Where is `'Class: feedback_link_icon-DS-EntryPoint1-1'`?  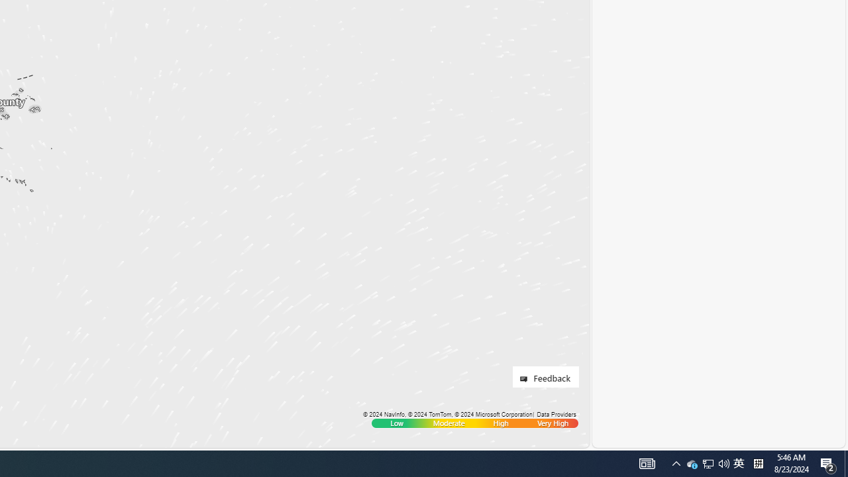
'Class: feedback_link_icon-DS-EntryPoint1-1' is located at coordinates (525, 379).